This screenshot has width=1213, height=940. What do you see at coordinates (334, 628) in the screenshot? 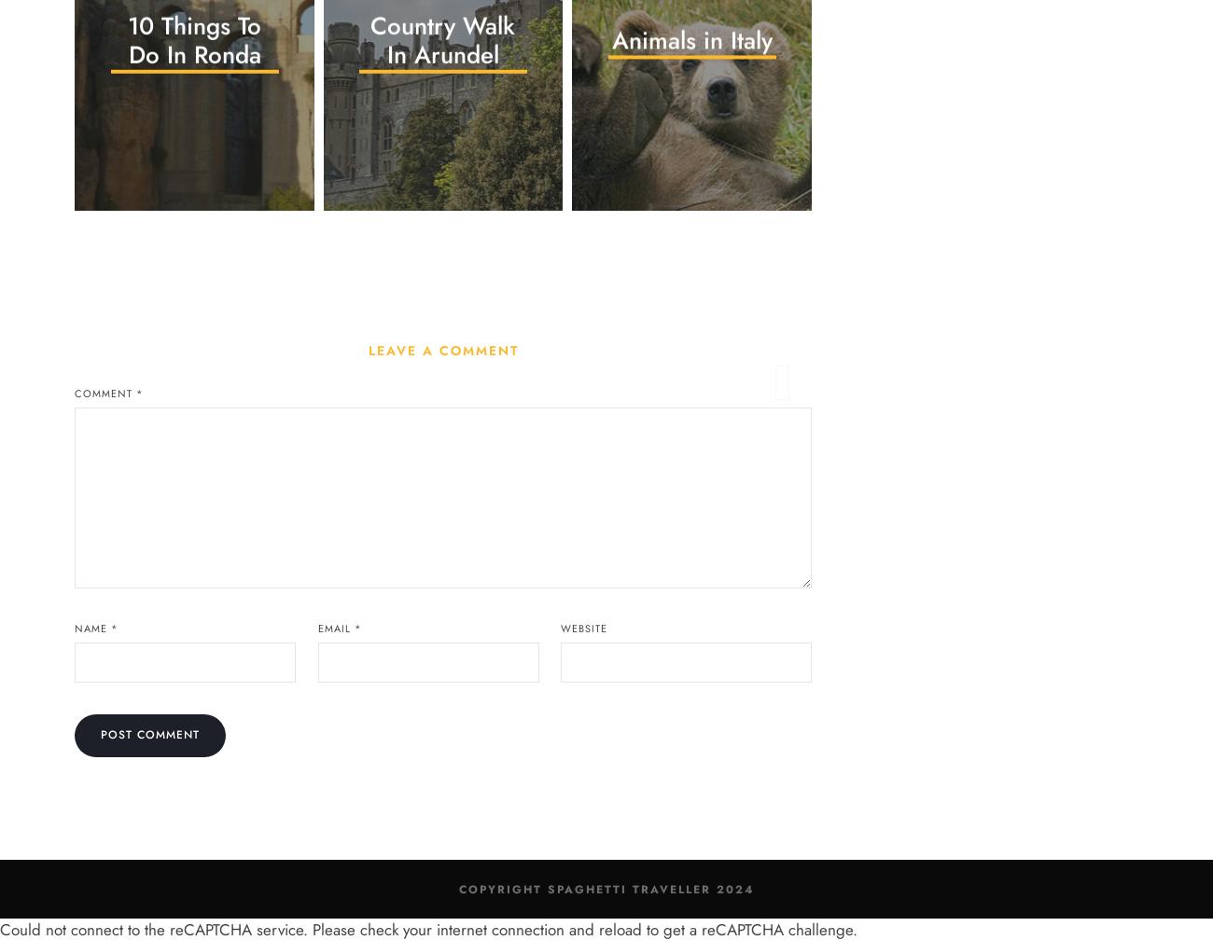
I see `'Email'` at bounding box center [334, 628].